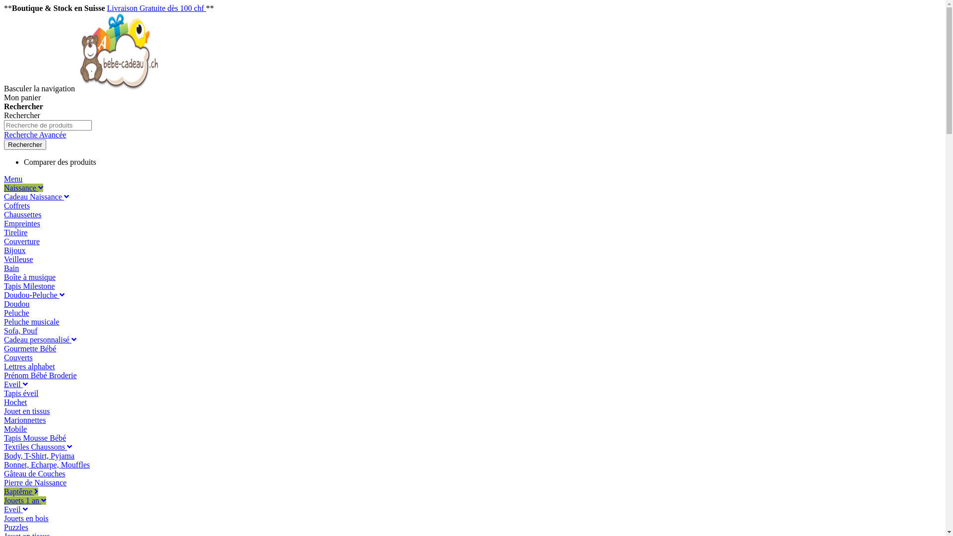 Image resolution: width=953 pixels, height=536 pixels. What do you see at coordinates (38, 447) in the screenshot?
I see `'Textiles Chaussons'` at bounding box center [38, 447].